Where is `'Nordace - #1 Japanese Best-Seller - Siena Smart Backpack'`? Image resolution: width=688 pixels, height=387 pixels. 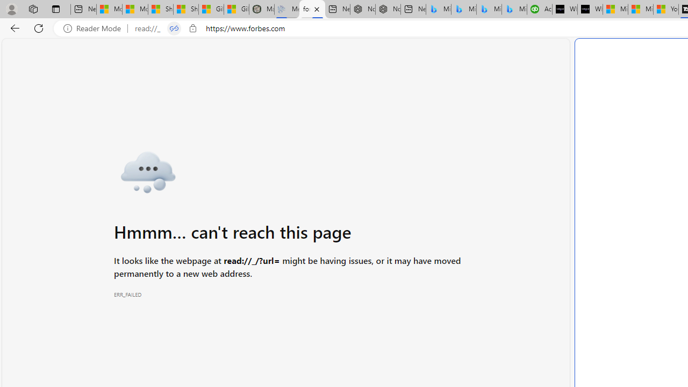 'Nordace - #1 Japanese Best-Seller - Siena Smart Backpack' is located at coordinates (387, 9).